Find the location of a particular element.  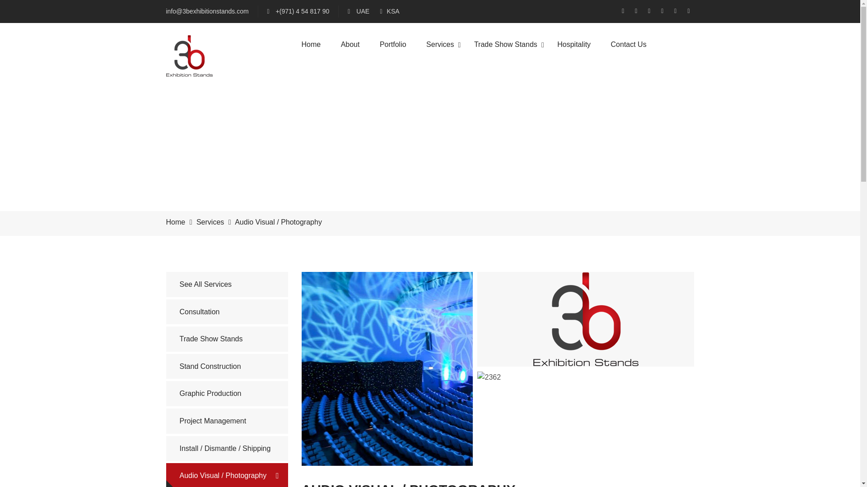

'info@3bexhibitionstands.com' is located at coordinates (166, 11).